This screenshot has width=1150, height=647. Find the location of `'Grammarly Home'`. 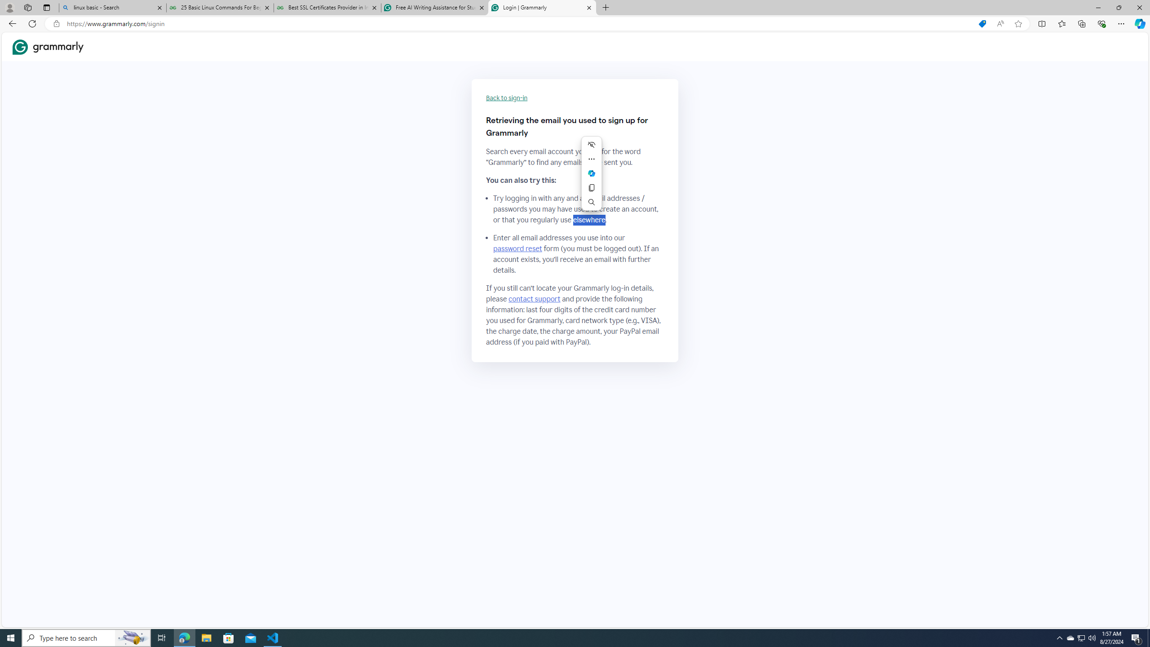

'Grammarly Home' is located at coordinates (48, 47).